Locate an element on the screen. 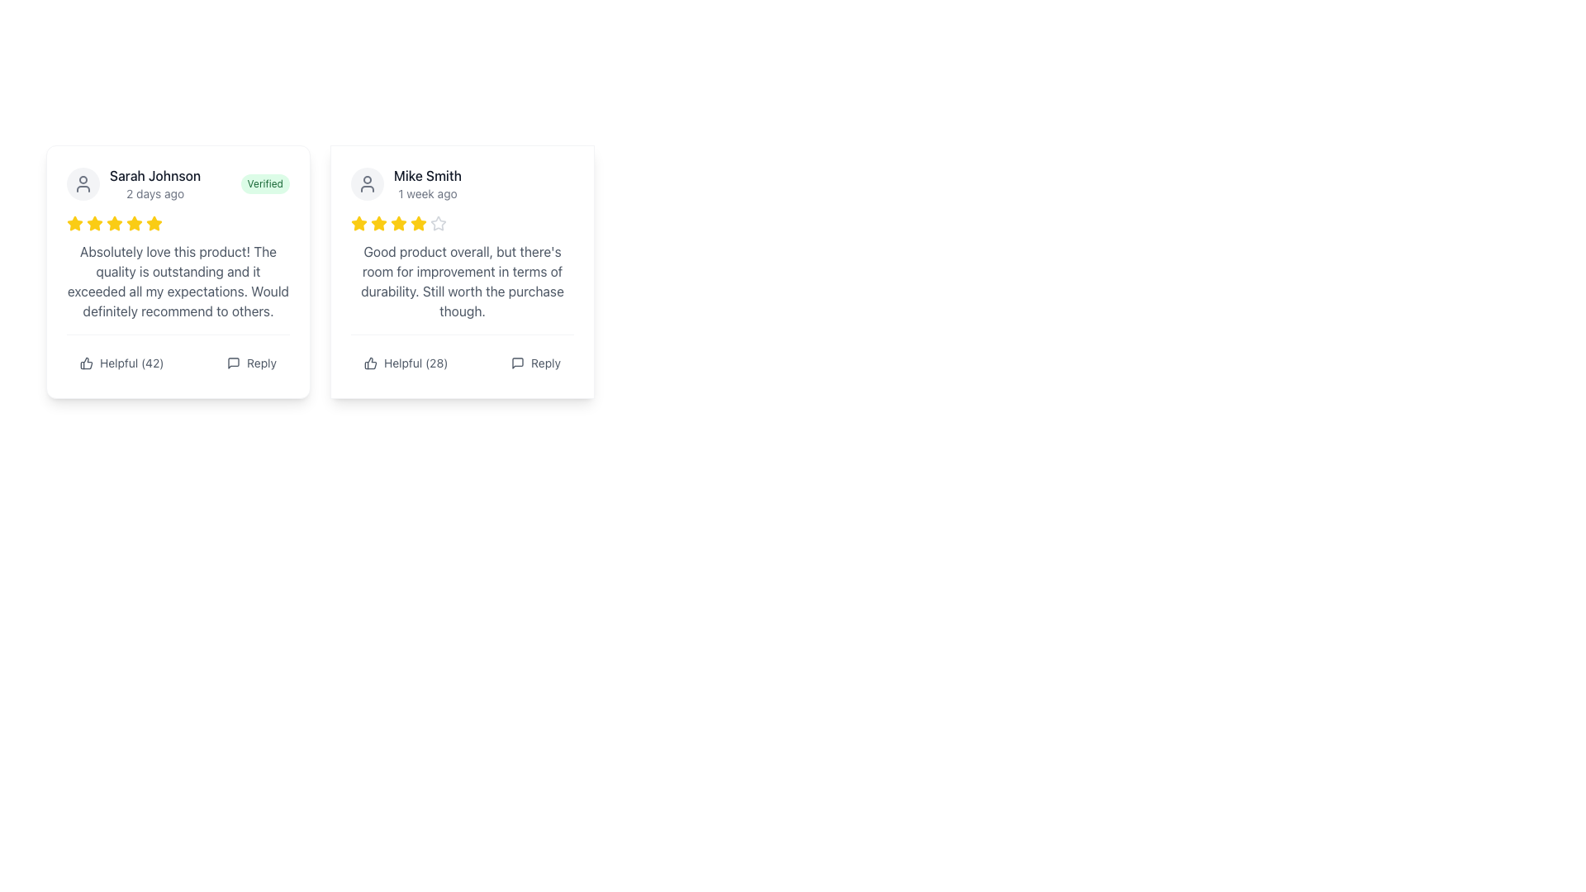 The width and height of the screenshot is (1586, 892). the text block that displays the user's review or comment, located beneath the username 'Mike Smith' and above the interactive options like 'Helpful' and 'Reply' is located at coordinates (463, 280).